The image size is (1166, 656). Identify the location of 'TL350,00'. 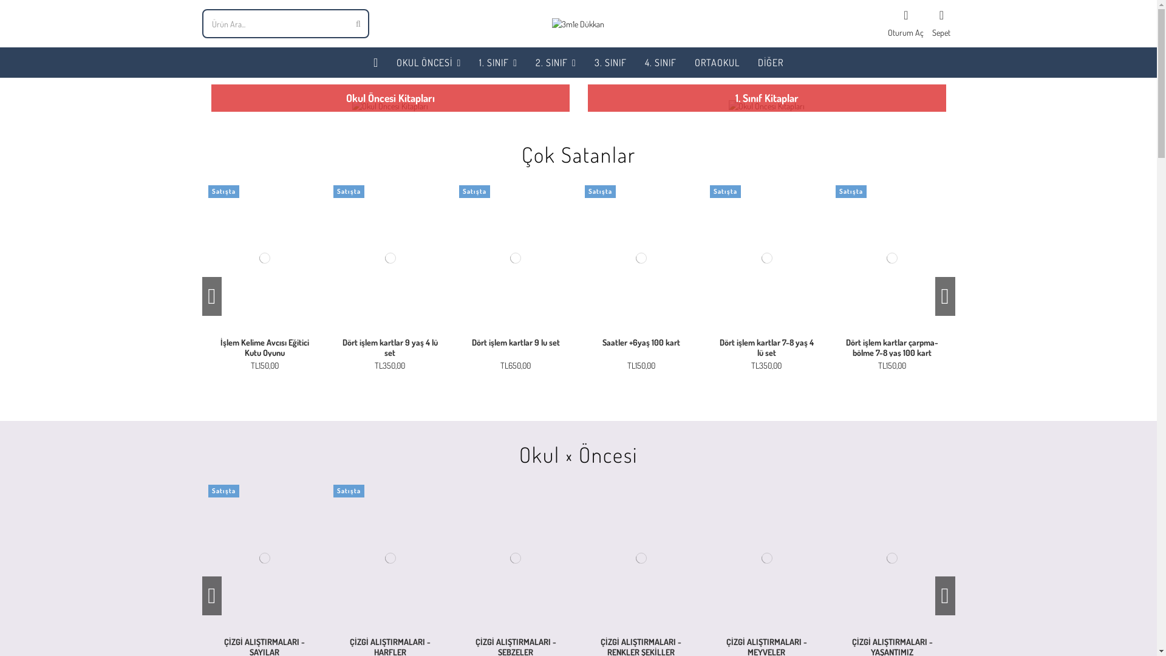
(390, 364).